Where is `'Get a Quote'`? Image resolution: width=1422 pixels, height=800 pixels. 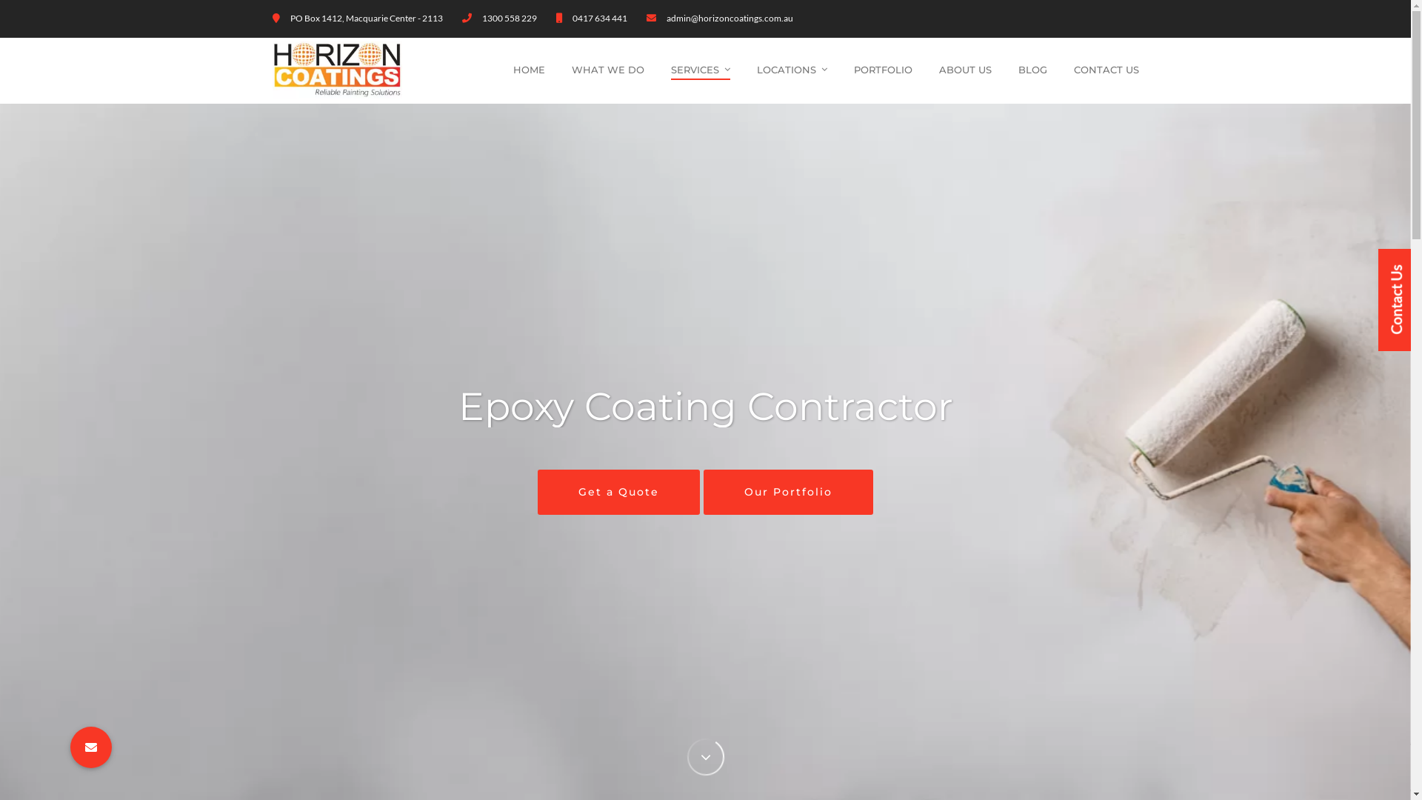
'Get a Quote' is located at coordinates (618, 491).